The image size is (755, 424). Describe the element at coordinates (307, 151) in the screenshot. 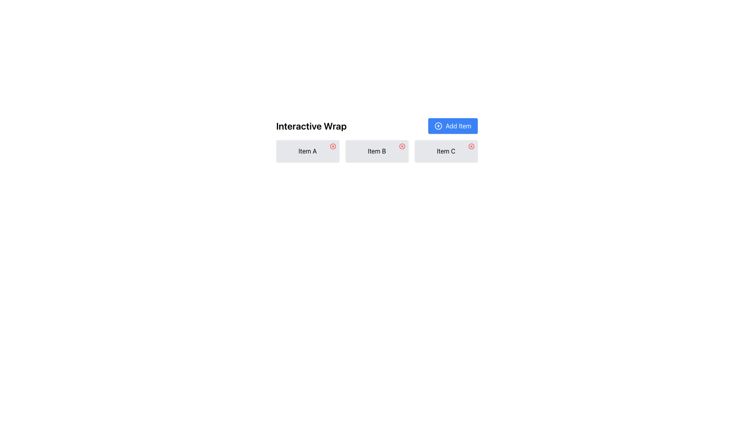

I see `the text on the first card` at that location.